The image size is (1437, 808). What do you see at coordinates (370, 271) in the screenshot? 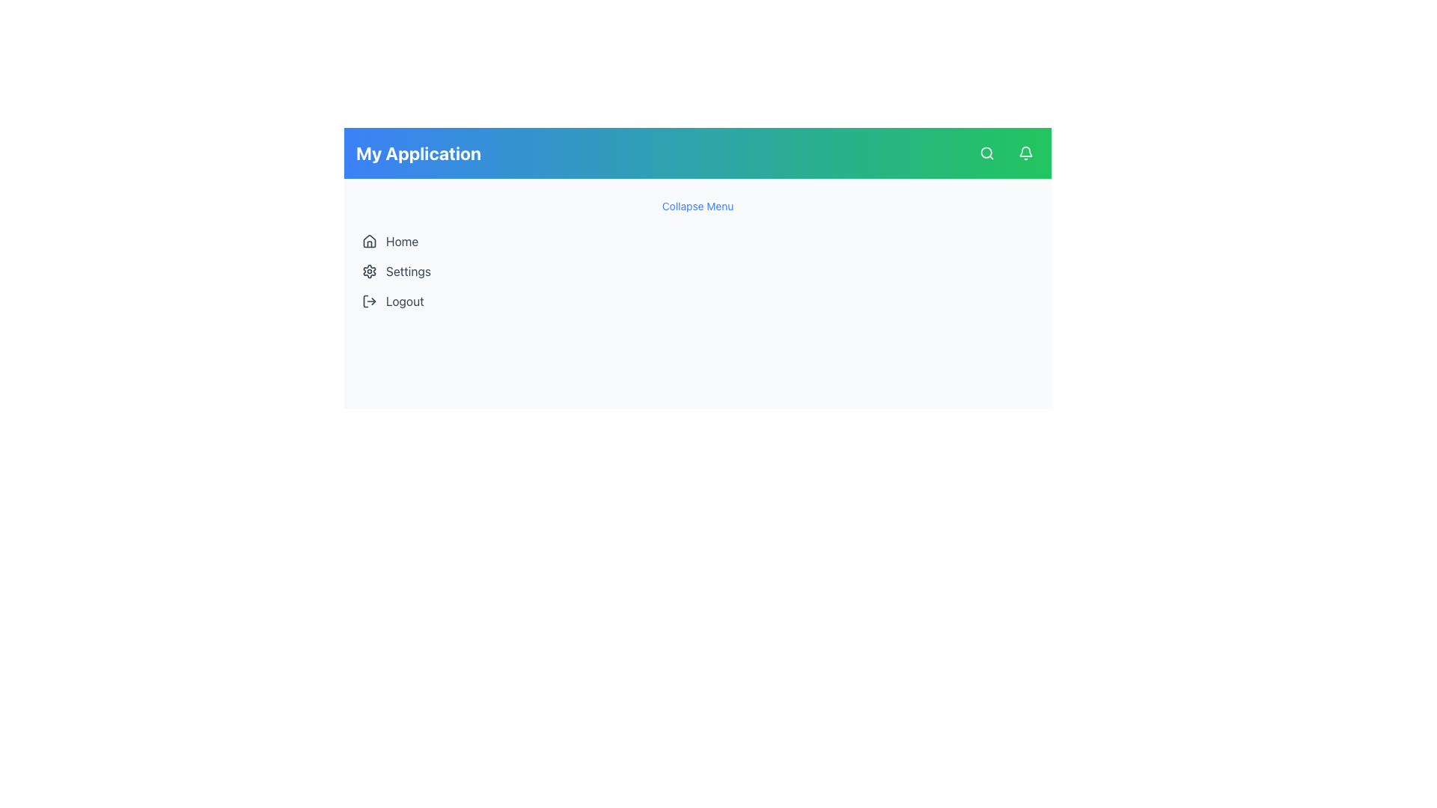
I see `the circular settings icon, which features a gear-like design and is located to the left of the 'Settings' label` at bounding box center [370, 271].